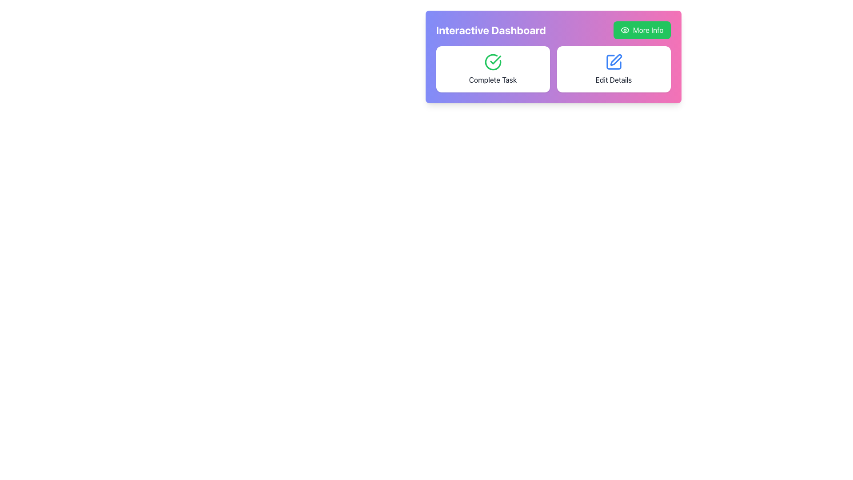 This screenshot has width=853, height=480. Describe the element at coordinates (613, 80) in the screenshot. I see `the text label displaying 'Edit Details' that is centered below the blue pen icon in the rightmost section of the two-section box component` at that location.